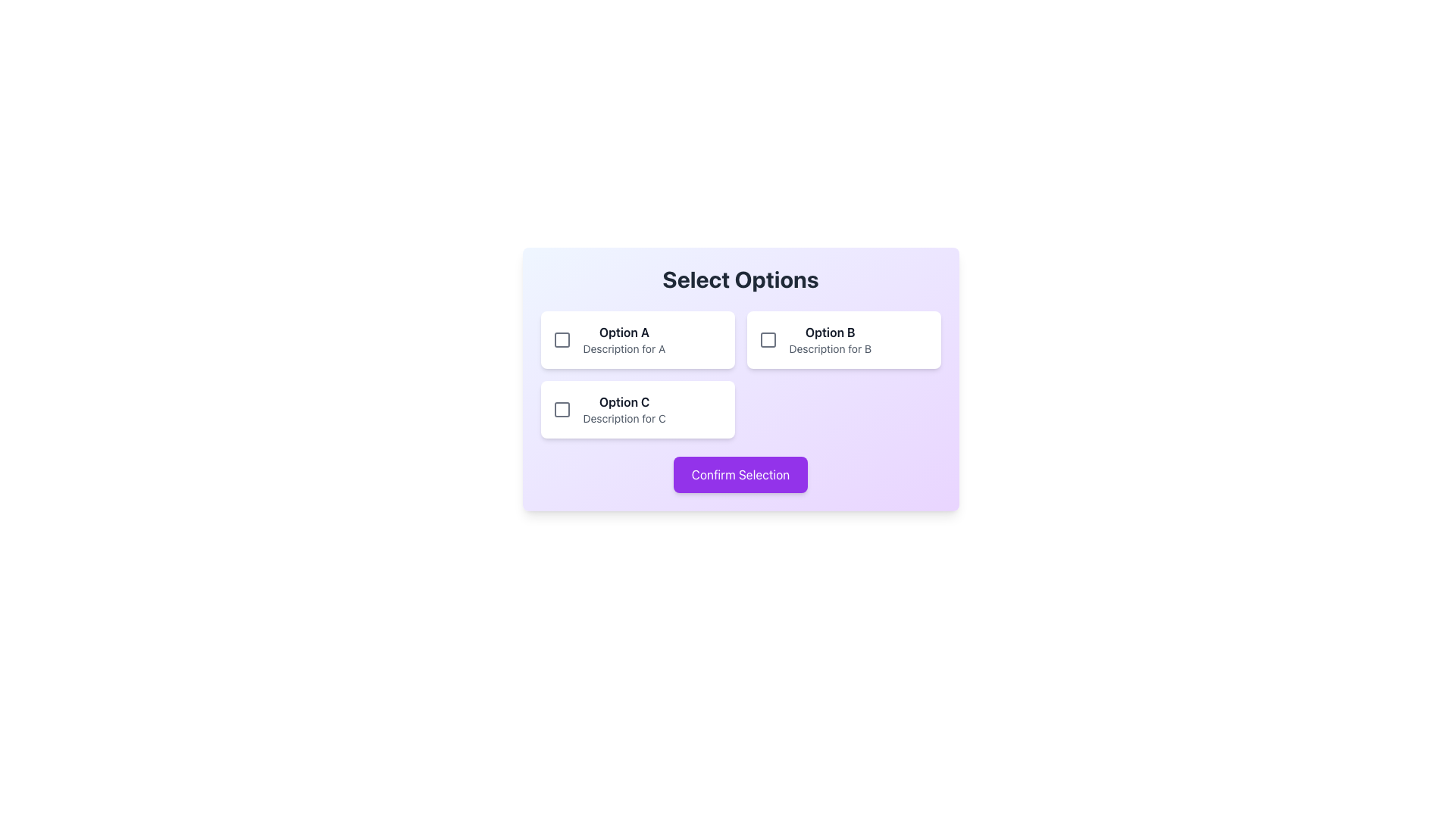  I want to click on the checkbox for 'Option B', so click(768, 339).